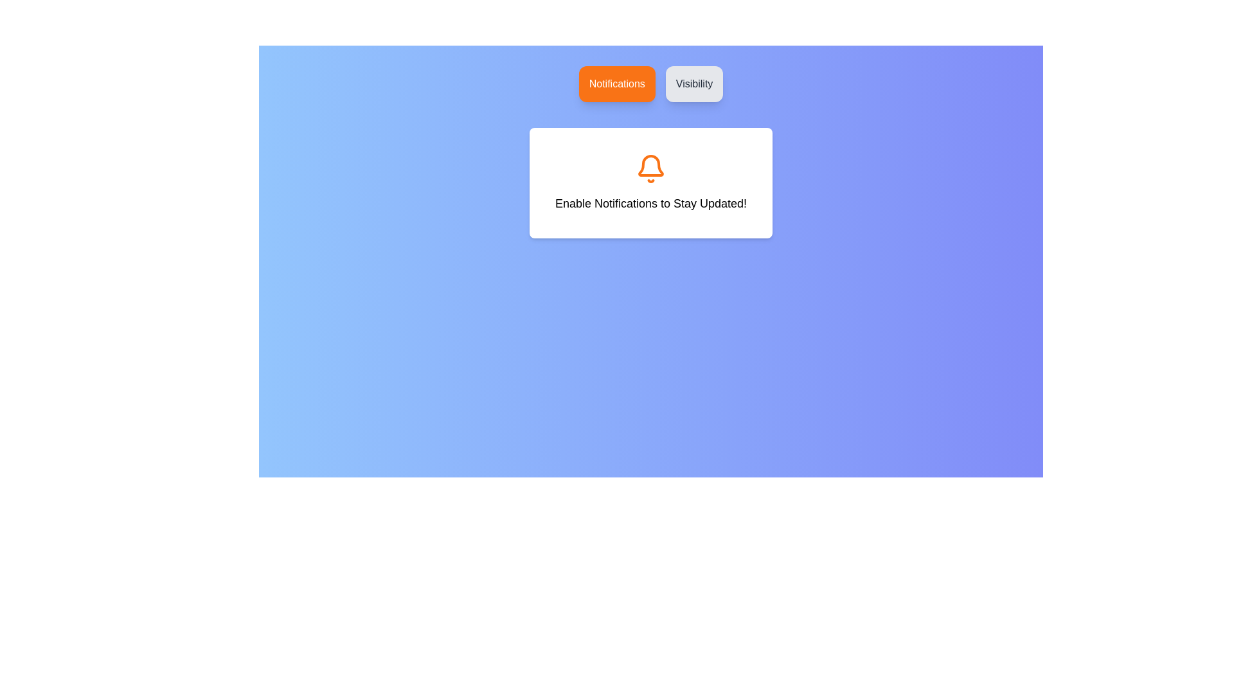 The width and height of the screenshot is (1234, 694). What do you see at coordinates (650, 168) in the screenshot?
I see `the bell icon within the active panel` at bounding box center [650, 168].